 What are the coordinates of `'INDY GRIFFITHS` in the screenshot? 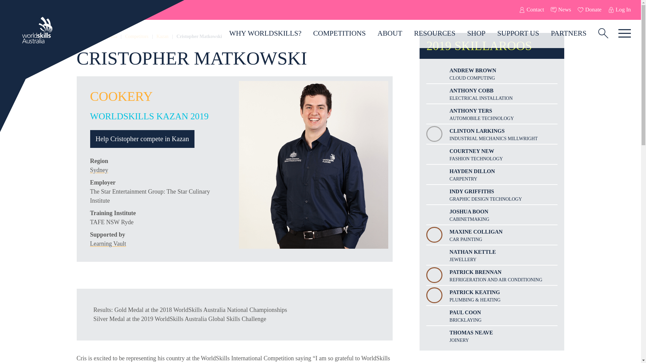 It's located at (492, 194).